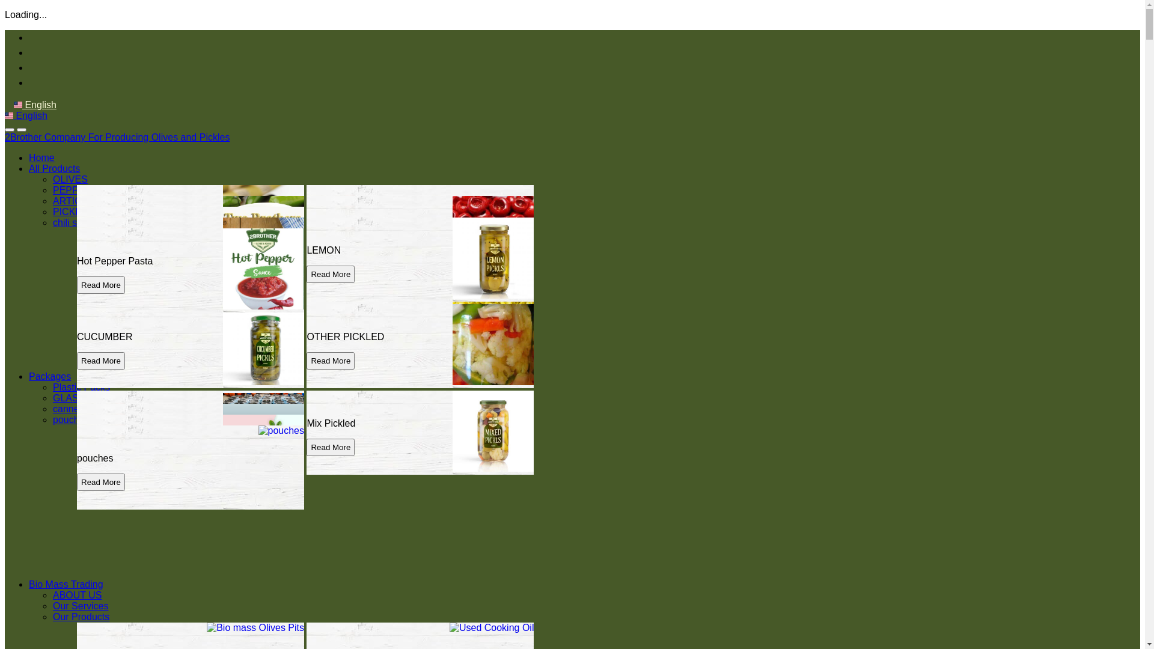  I want to click on 'Home', so click(29, 157).